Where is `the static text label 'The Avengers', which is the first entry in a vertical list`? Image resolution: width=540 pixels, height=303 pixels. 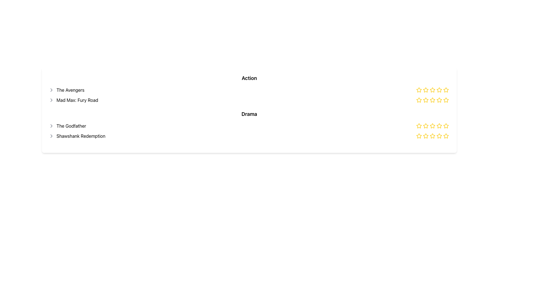
the static text label 'The Avengers', which is the first entry in a vertical list is located at coordinates (70, 89).